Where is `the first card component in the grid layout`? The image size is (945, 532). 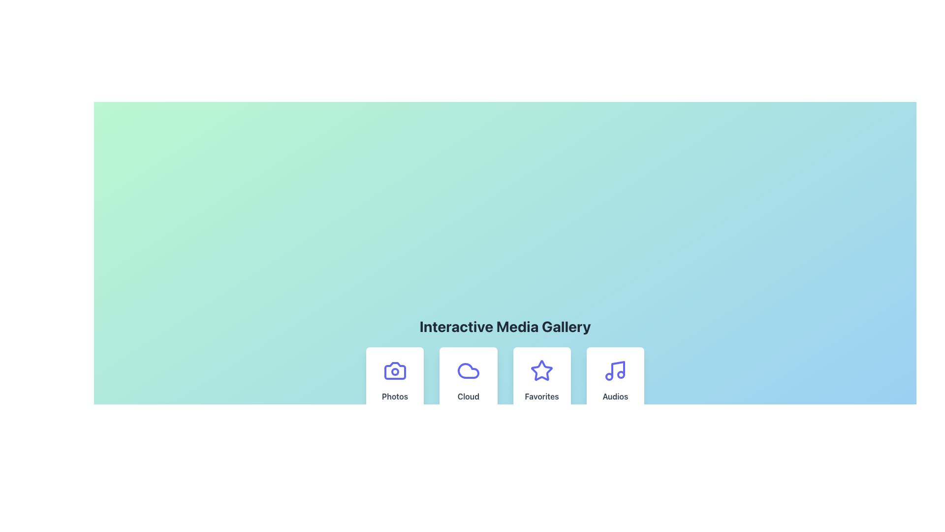
the first card component in the grid layout is located at coordinates (394, 382).